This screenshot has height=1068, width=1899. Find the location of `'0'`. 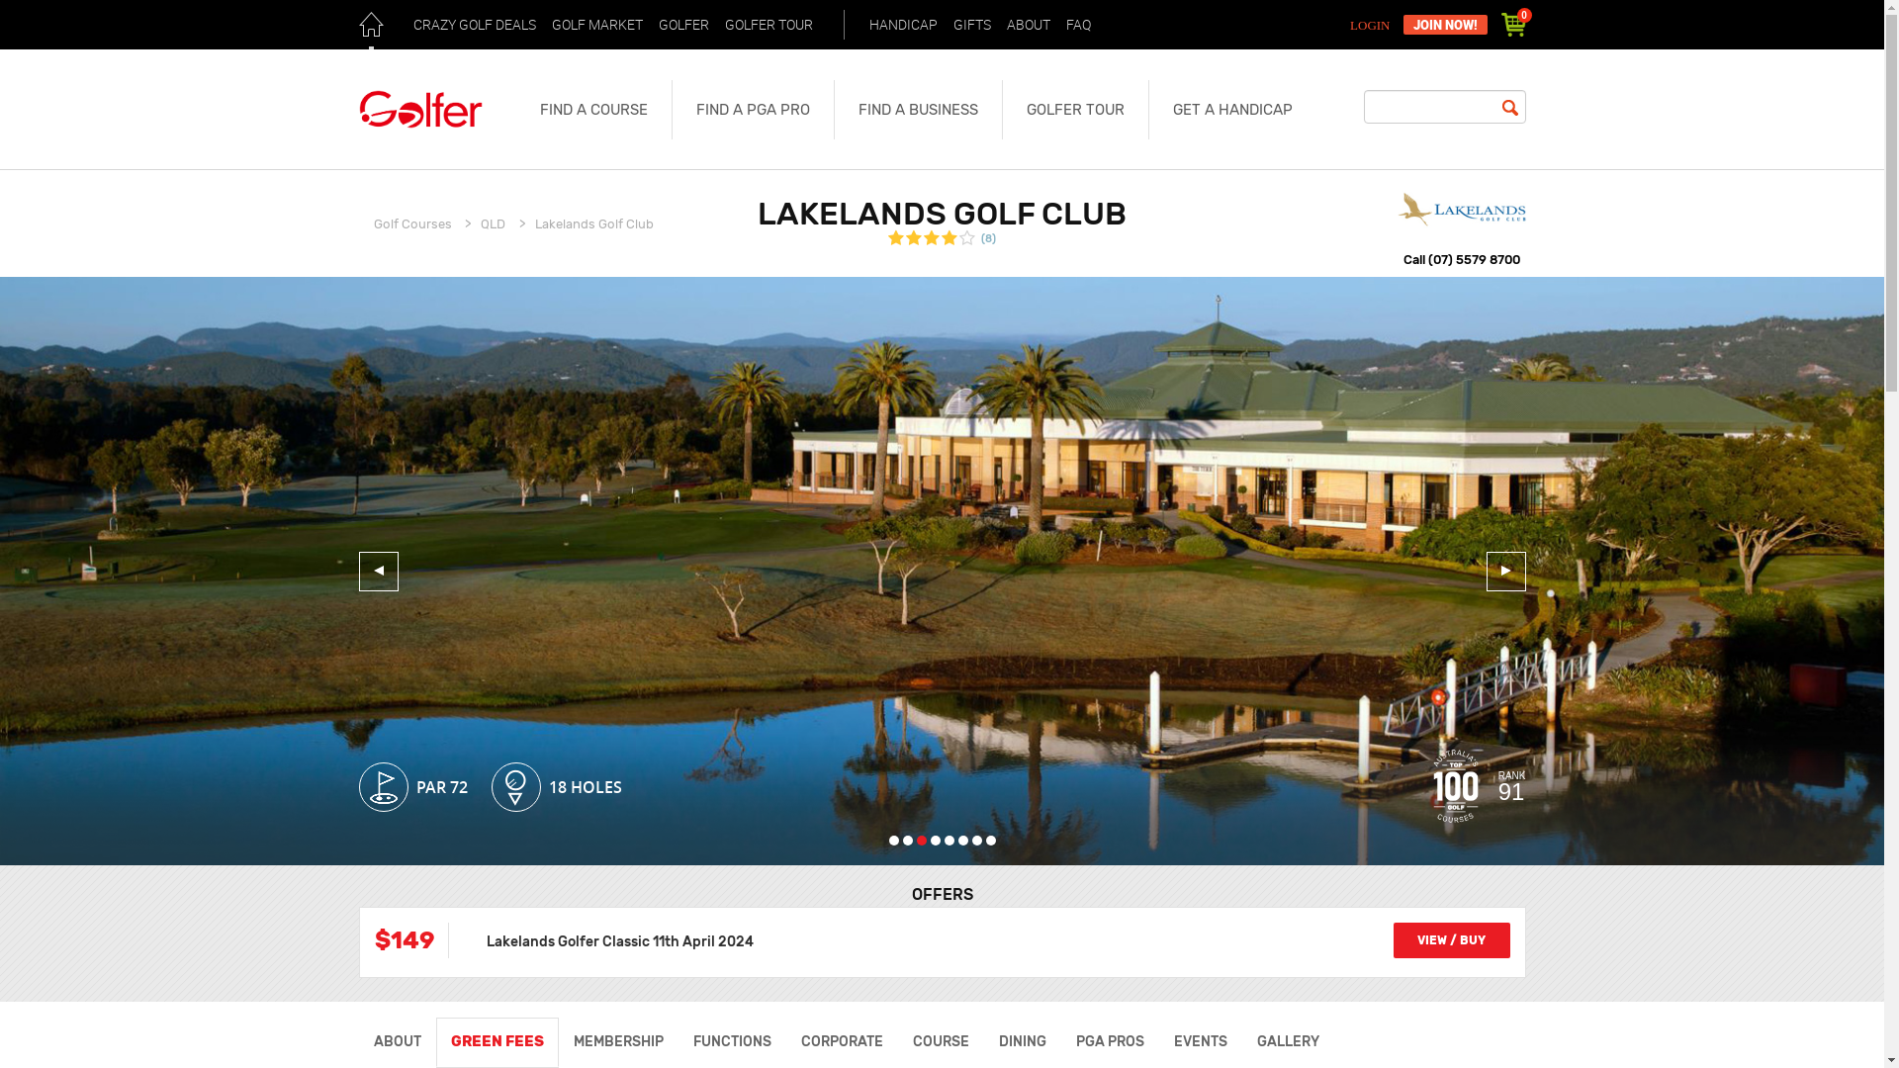

'0' is located at coordinates (1512, 24).